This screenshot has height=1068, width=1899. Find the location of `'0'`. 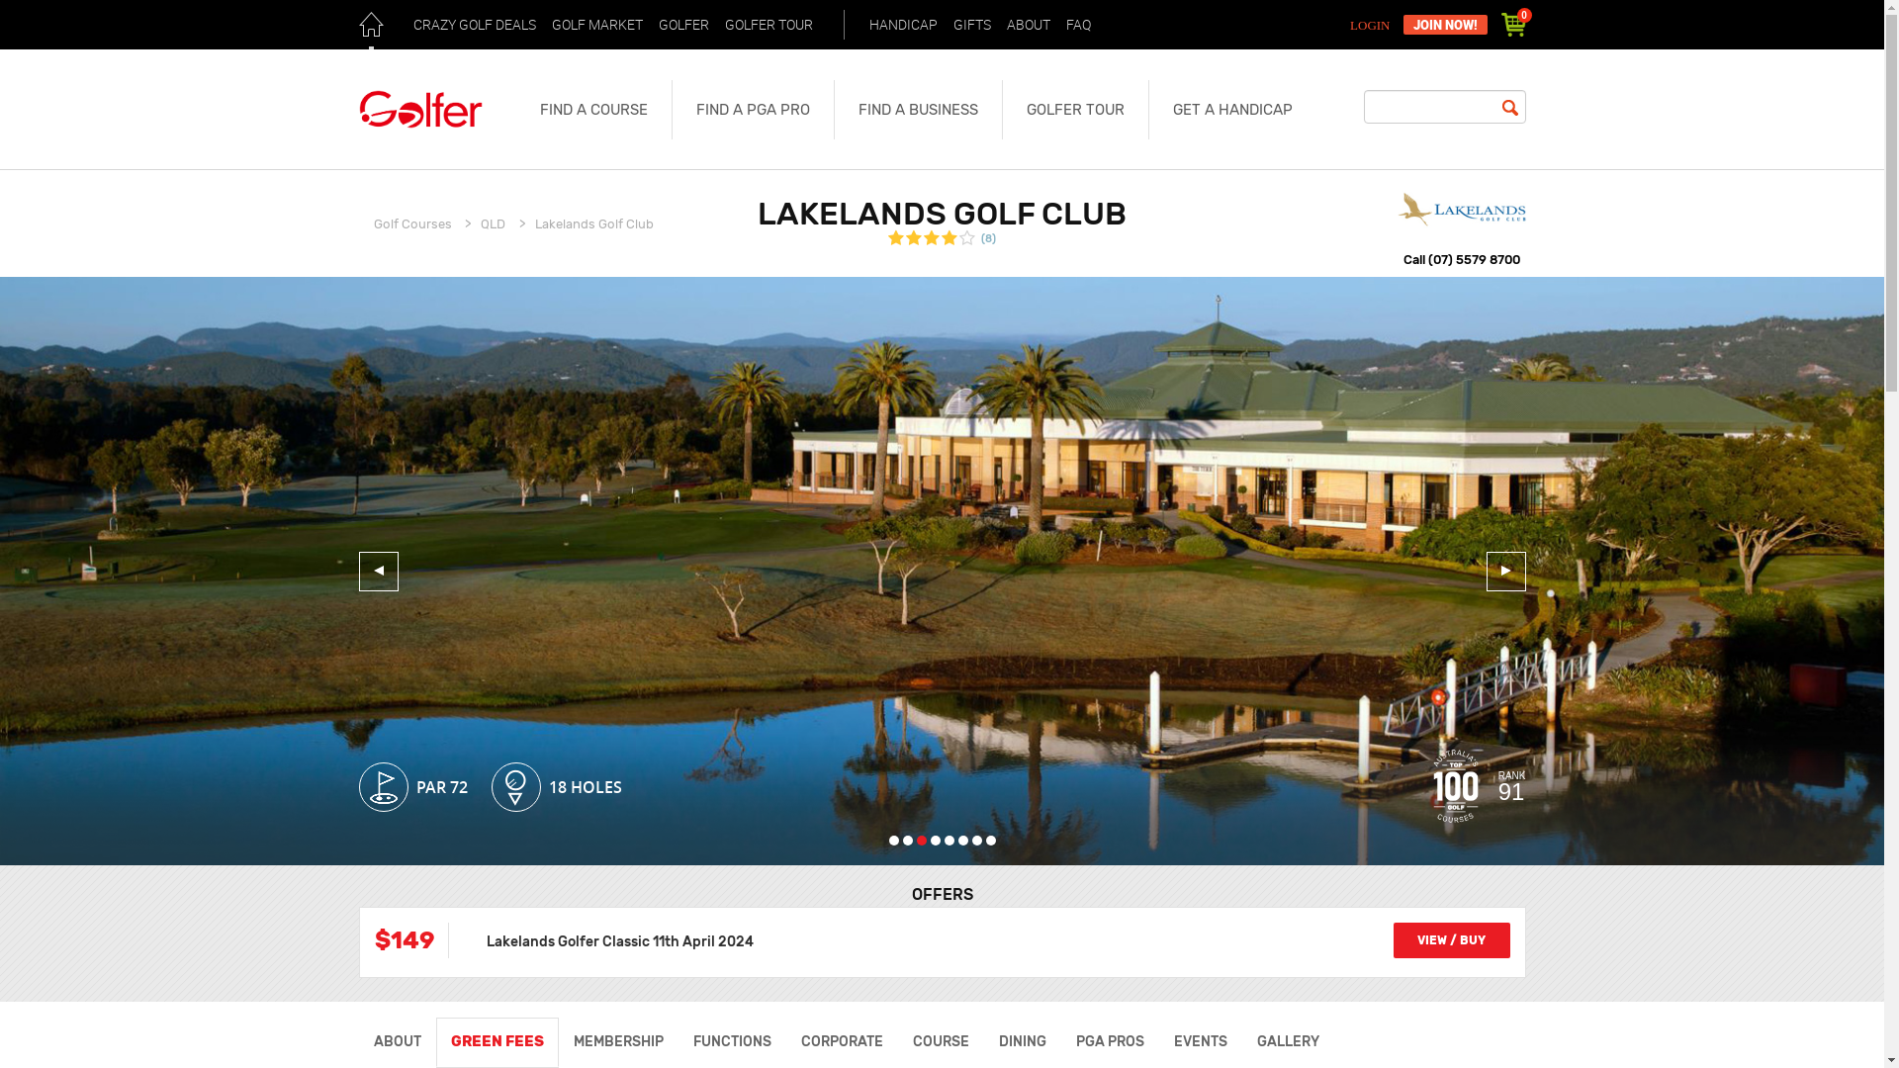

'0' is located at coordinates (1512, 24).